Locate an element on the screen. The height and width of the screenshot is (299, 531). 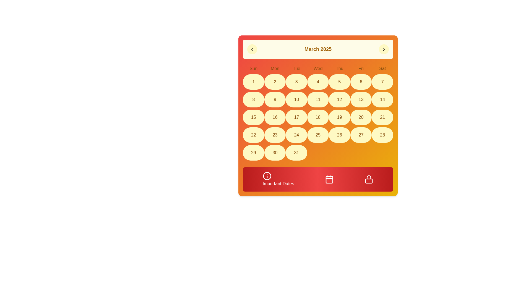
the small circular button with a pale yellow background and a black leftward arrow icon is located at coordinates (252, 49).